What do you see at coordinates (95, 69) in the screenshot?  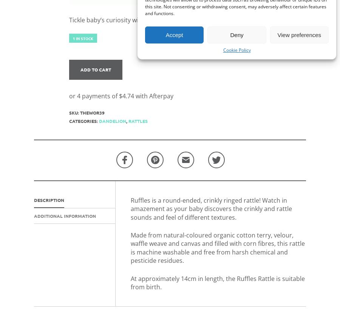 I see `'Add to cart'` at bounding box center [95, 69].